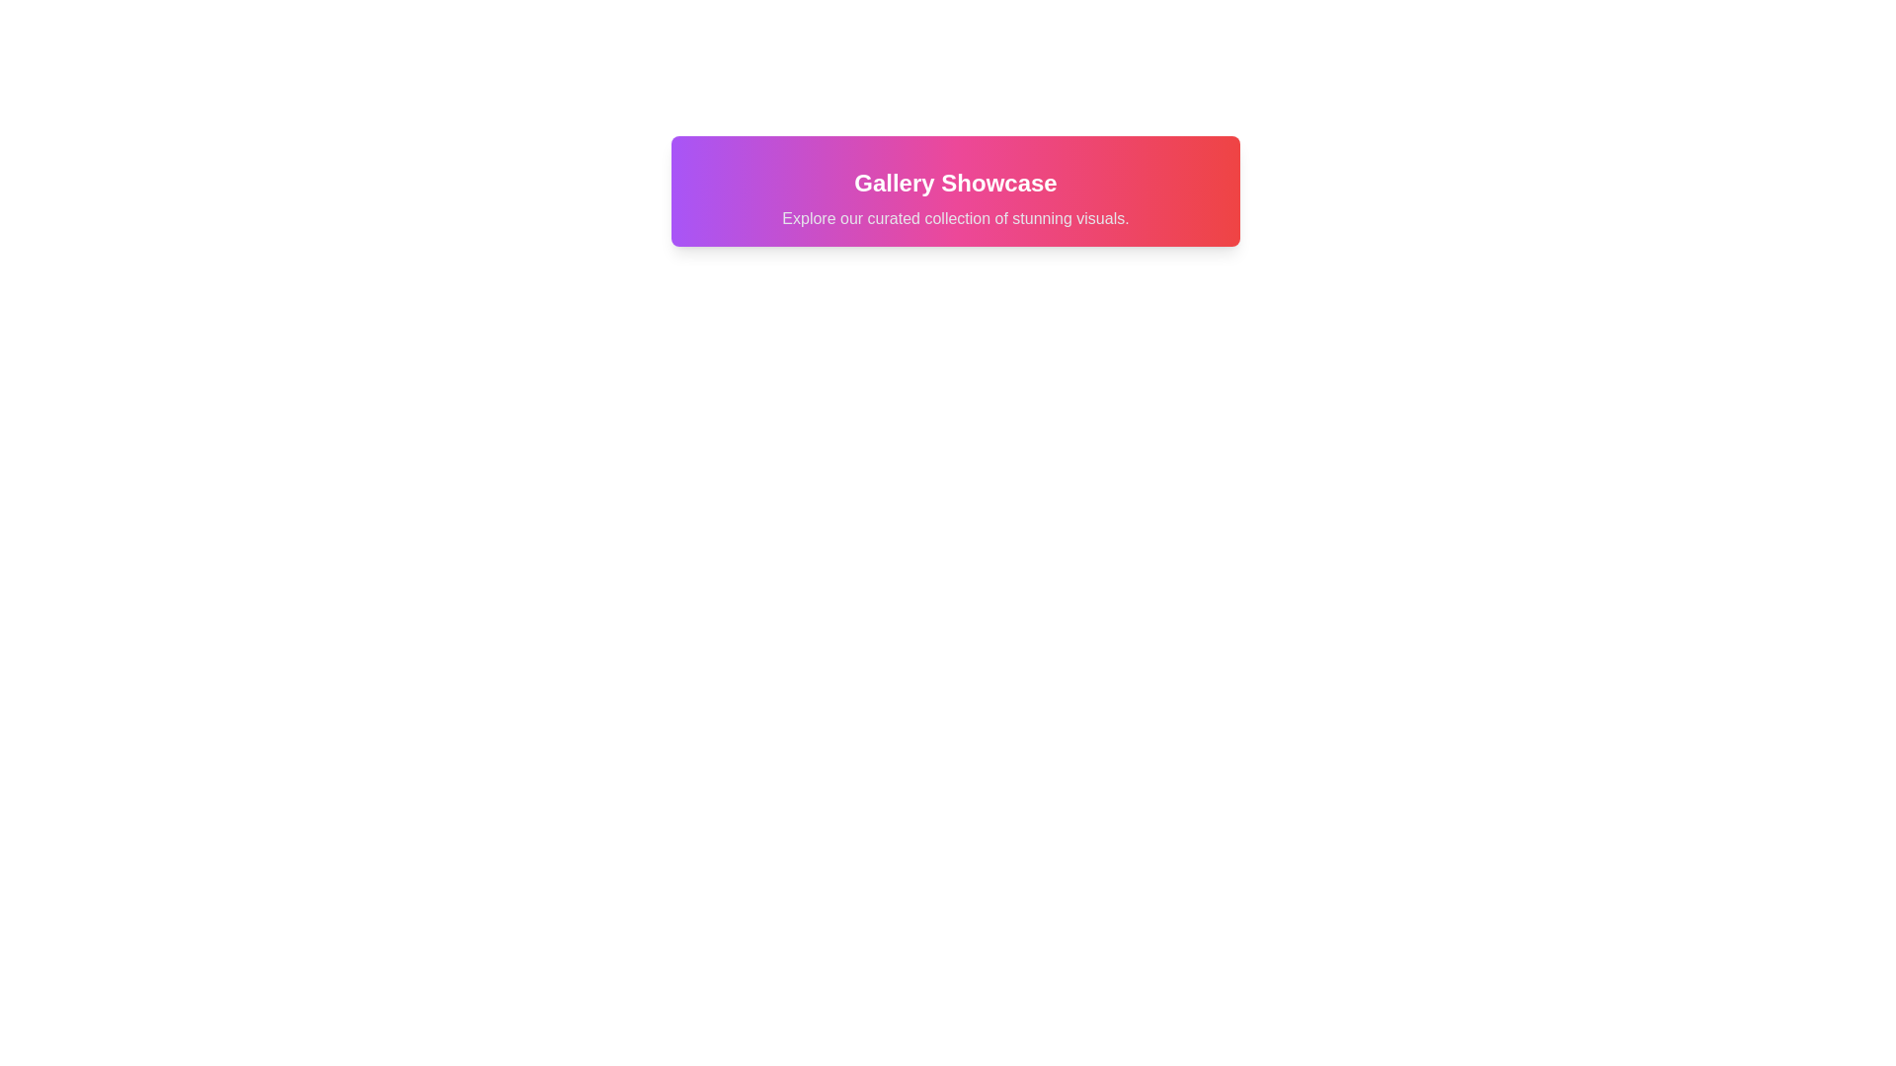  I want to click on the Informational banner titled 'Gallery Showcase' that features a gradient background from purple to red and contains a subtitle below in gray color, so click(956, 190).